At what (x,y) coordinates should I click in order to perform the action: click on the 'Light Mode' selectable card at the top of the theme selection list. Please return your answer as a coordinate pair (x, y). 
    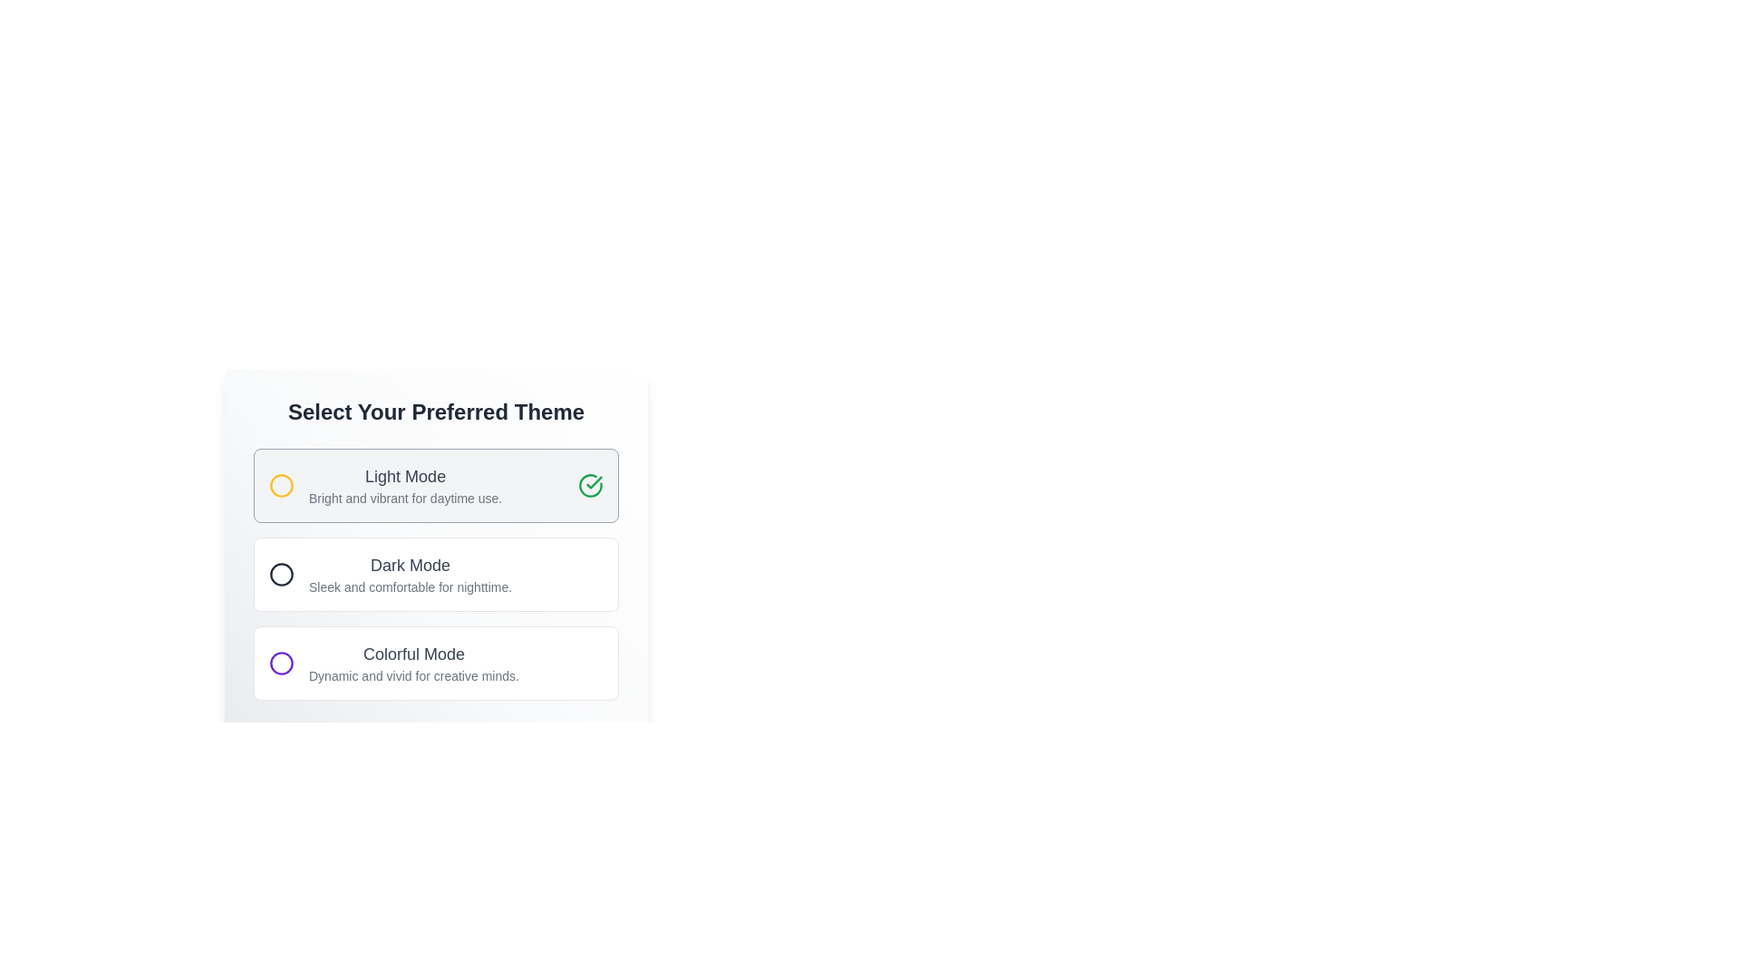
    Looking at the image, I should click on (436, 485).